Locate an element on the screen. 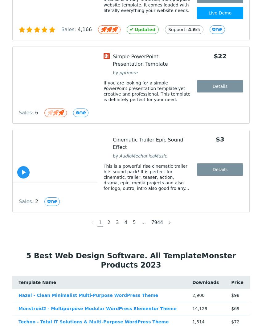 The height and width of the screenshot is (328, 262). 'Template Name' is located at coordinates (18, 282).